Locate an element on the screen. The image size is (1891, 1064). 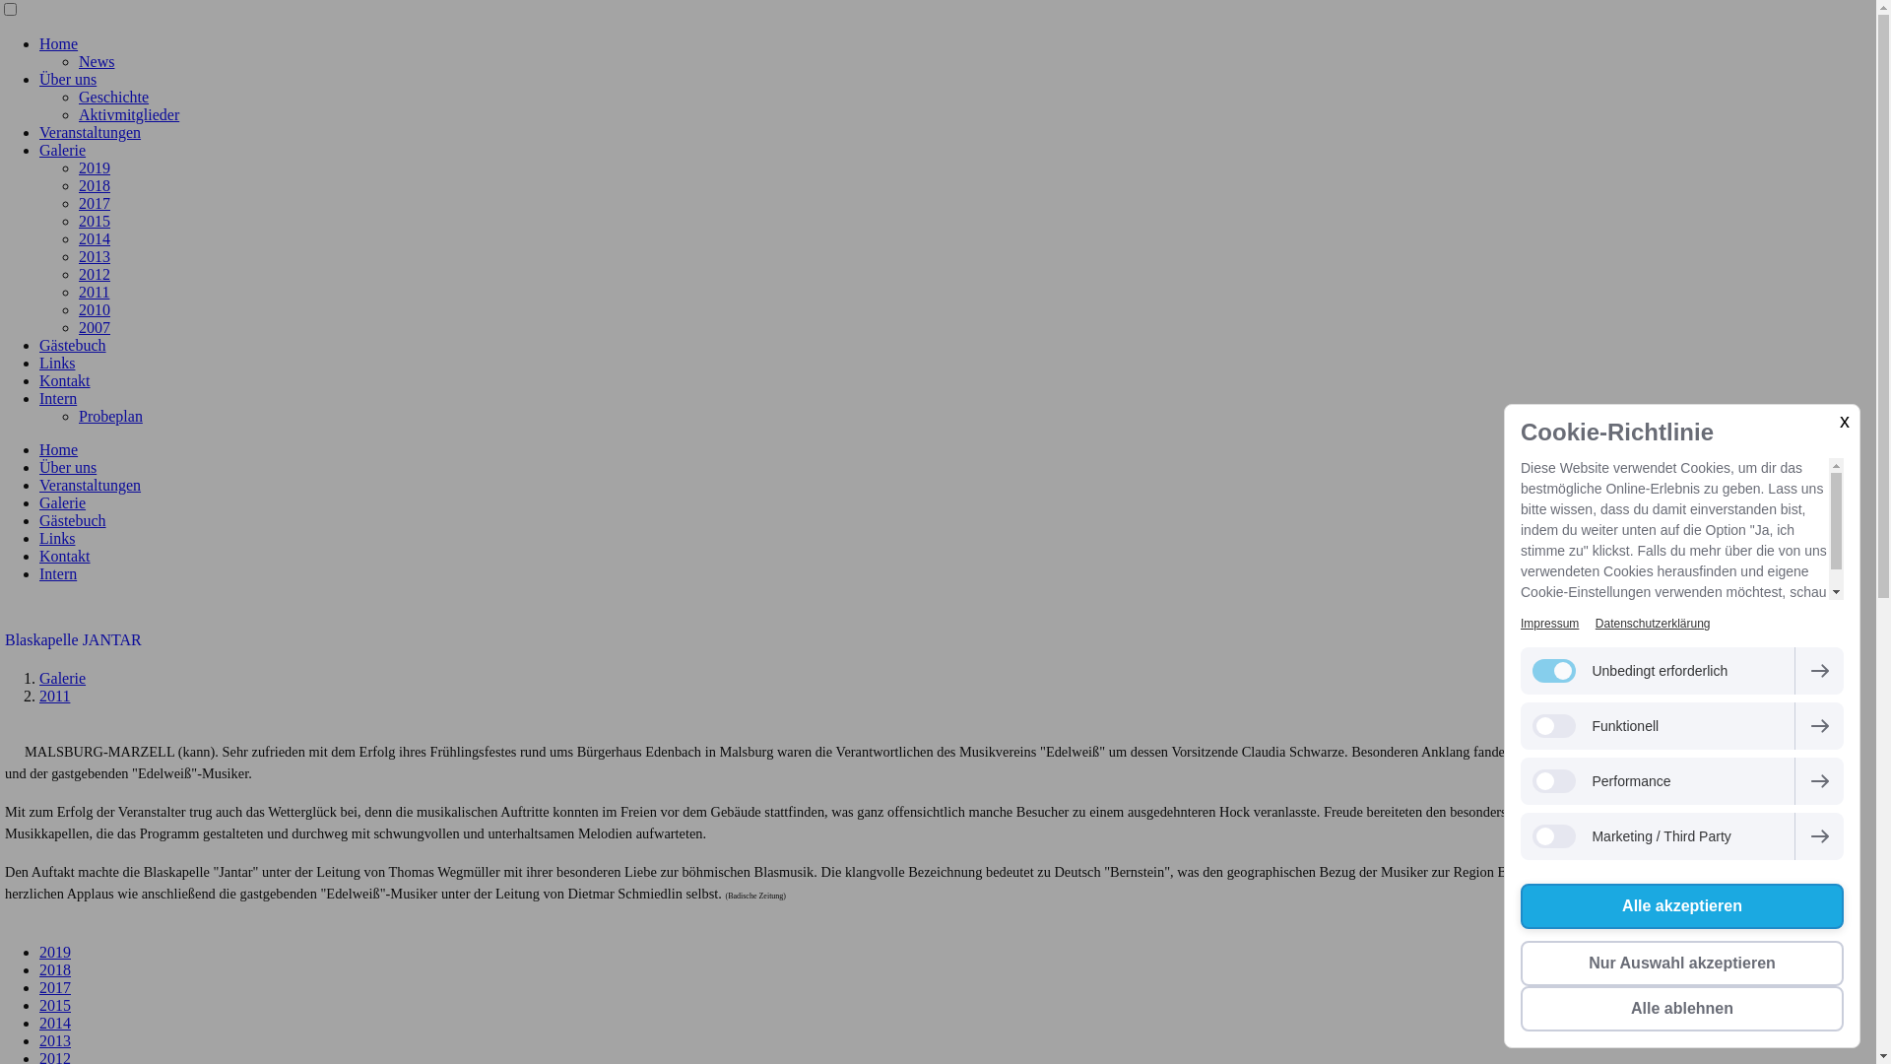
'Kontakt' is located at coordinates (38, 380).